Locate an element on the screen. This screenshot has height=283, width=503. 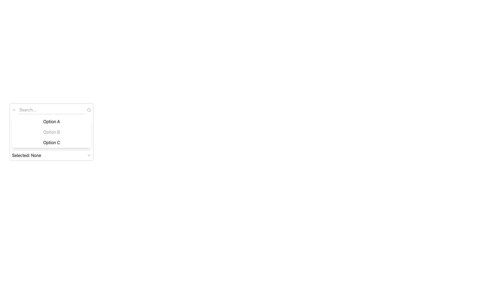
the first item labeled 'Option A' in the dropdown list is located at coordinates (51, 121).